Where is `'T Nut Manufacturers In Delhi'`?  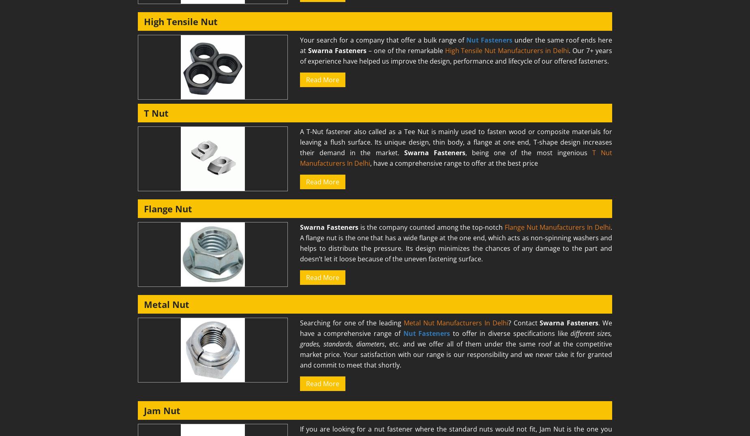 'T Nut Manufacturers In Delhi' is located at coordinates (455, 158).